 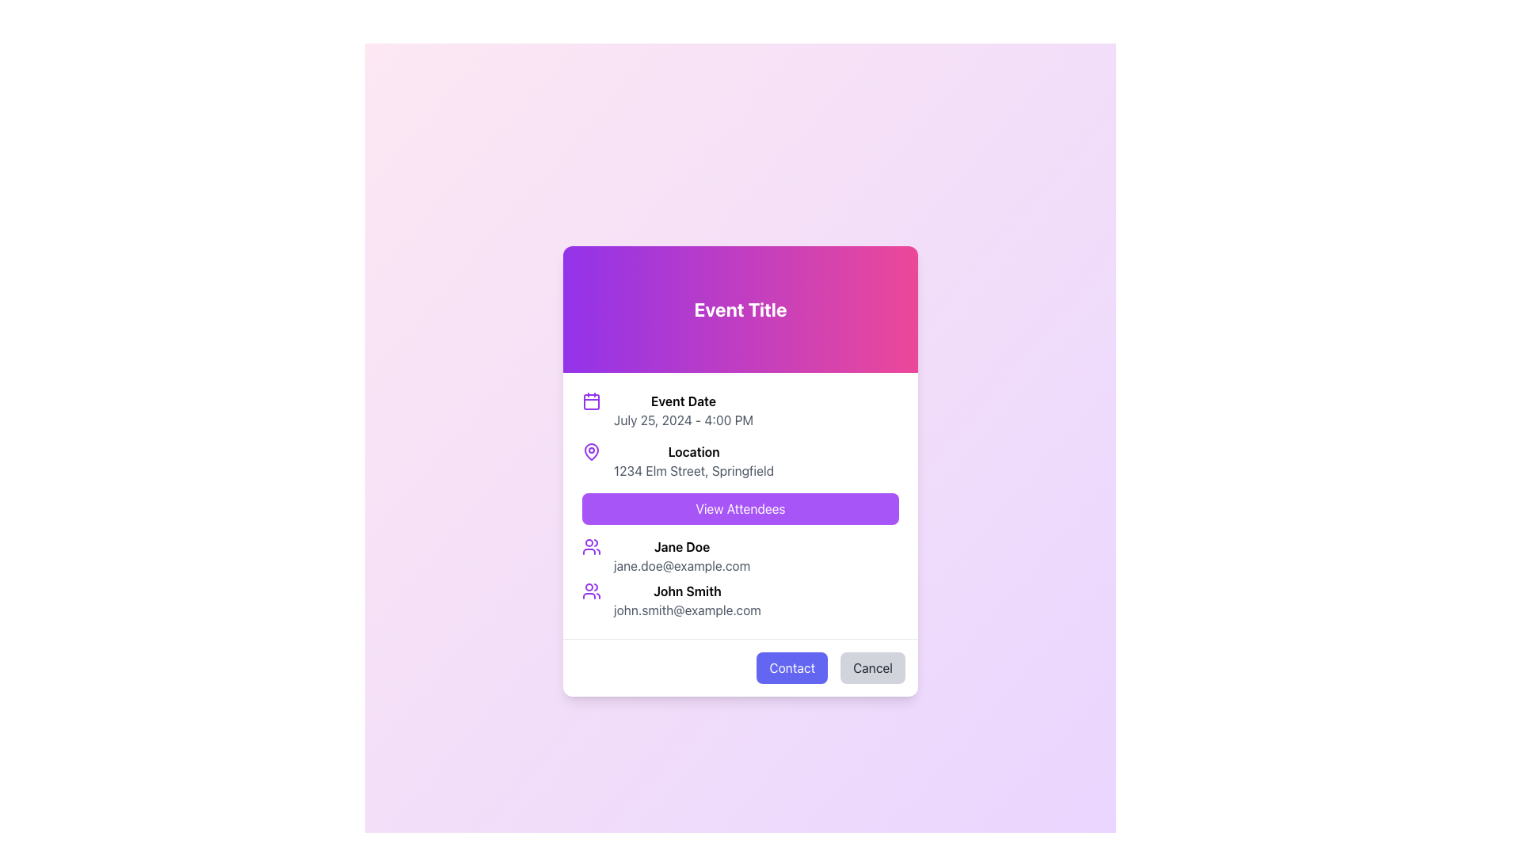 What do you see at coordinates (792, 667) in the screenshot?
I see `the 'Contact' button located in the footer section of the modal dialog box` at bounding box center [792, 667].